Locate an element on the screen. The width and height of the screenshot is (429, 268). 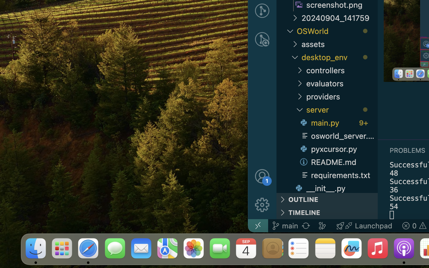
'README.md ' is located at coordinates (338, 161).